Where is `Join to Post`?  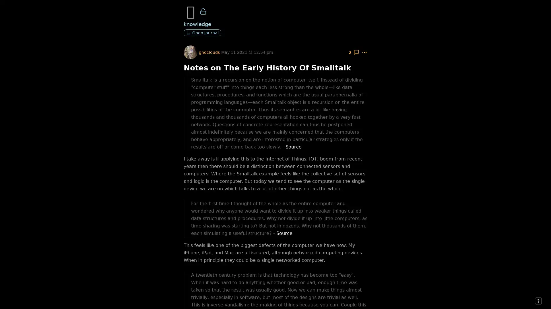 Join to Post is located at coordinates (61, 298).